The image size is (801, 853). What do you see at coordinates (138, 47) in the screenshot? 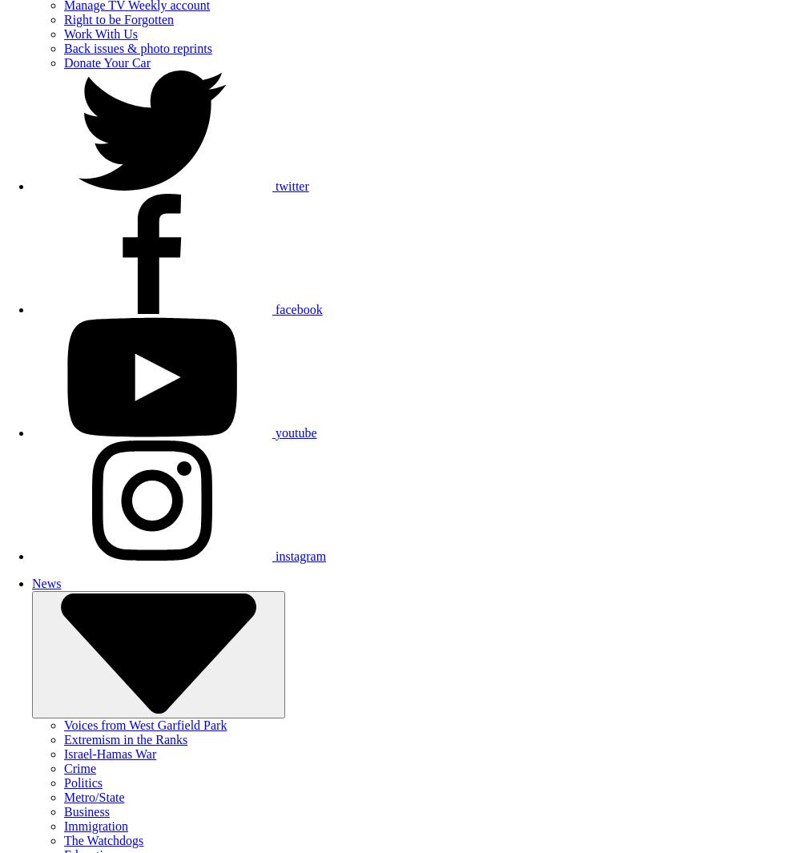
I see `'Back issues & photo reprints'` at bounding box center [138, 47].